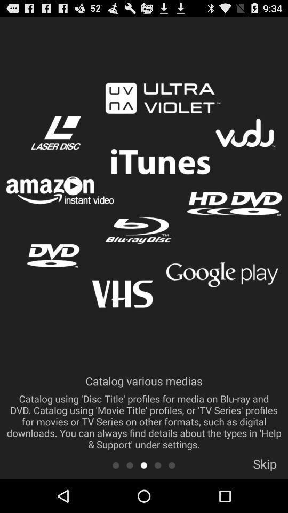 The width and height of the screenshot is (288, 513). Describe the element at coordinates (172, 464) in the screenshot. I see `icon next to skip` at that location.